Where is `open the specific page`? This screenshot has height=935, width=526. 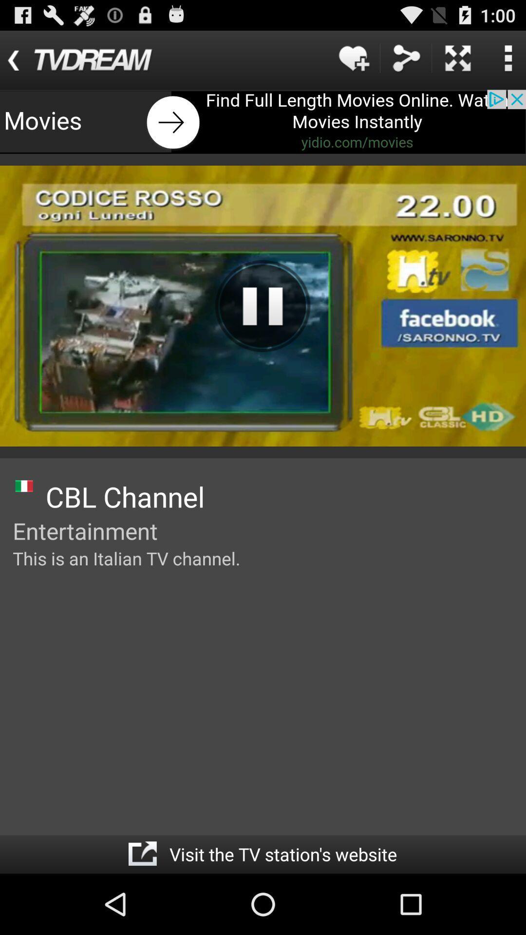
open the specific page is located at coordinates (142, 854).